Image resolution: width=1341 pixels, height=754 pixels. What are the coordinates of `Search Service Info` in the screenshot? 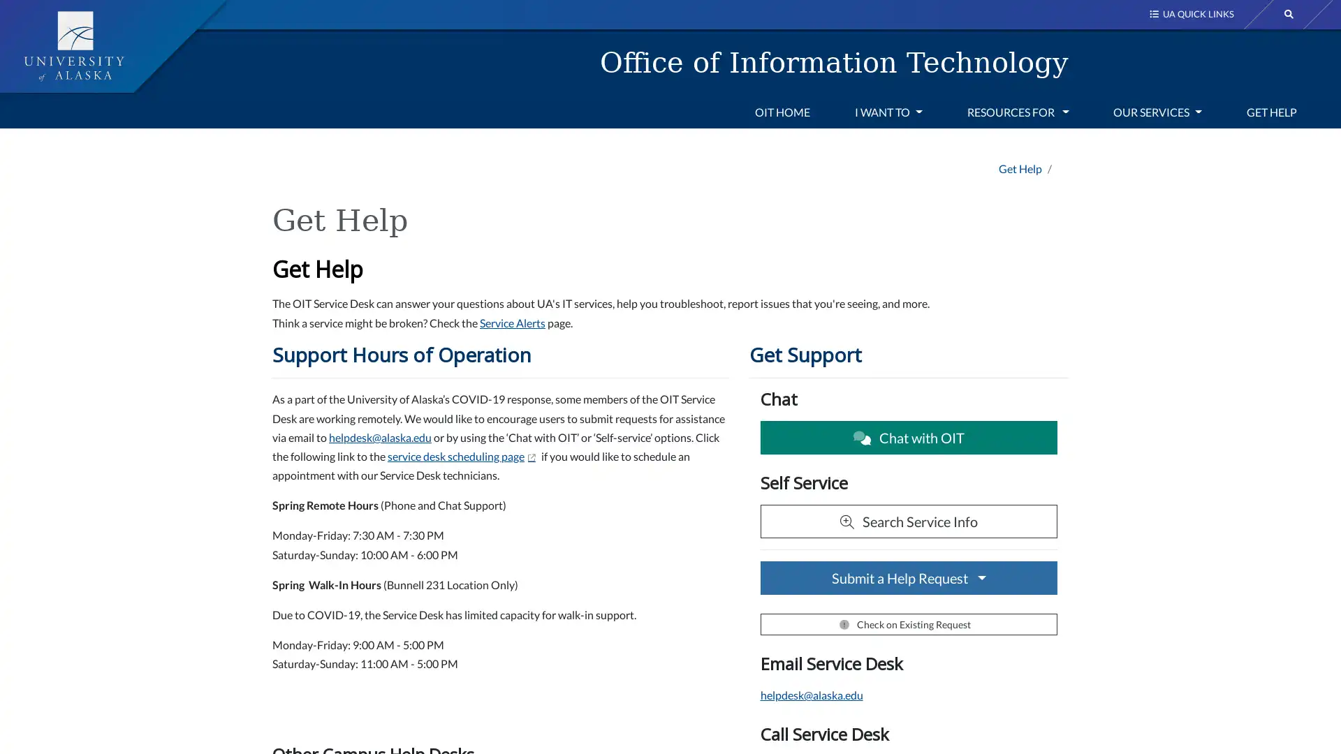 It's located at (908, 522).